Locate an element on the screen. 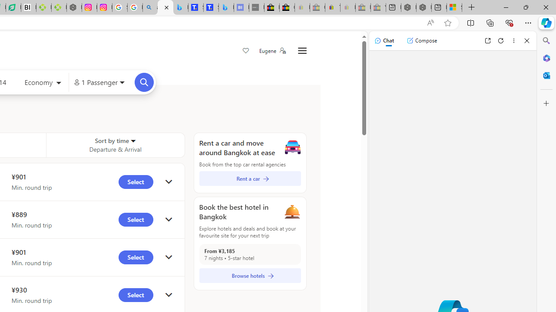  'Open link in new tab' is located at coordinates (487, 40).